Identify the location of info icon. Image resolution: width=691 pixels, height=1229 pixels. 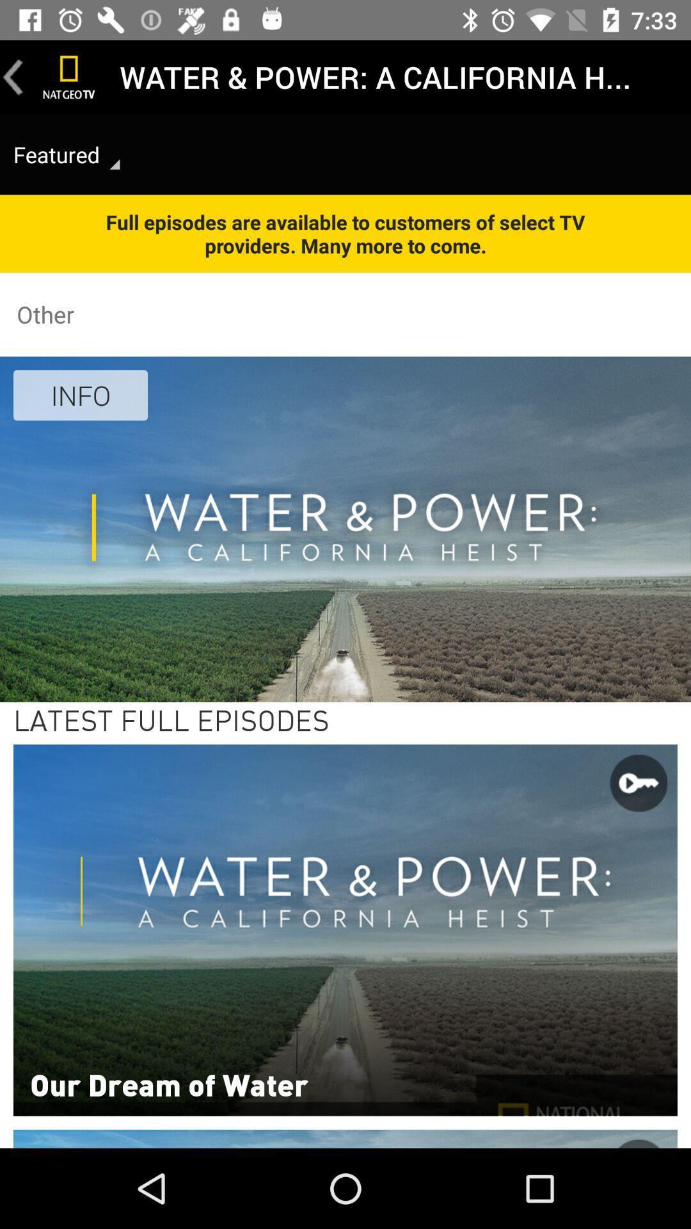
(81, 394).